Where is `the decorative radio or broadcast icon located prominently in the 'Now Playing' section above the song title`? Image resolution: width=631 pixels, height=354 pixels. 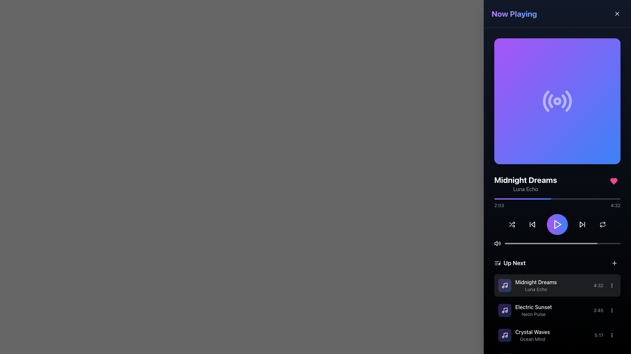
the decorative radio or broadcast icon located prominently in the 'Now Playing' section above the song title is located at coordinates (557, 101).